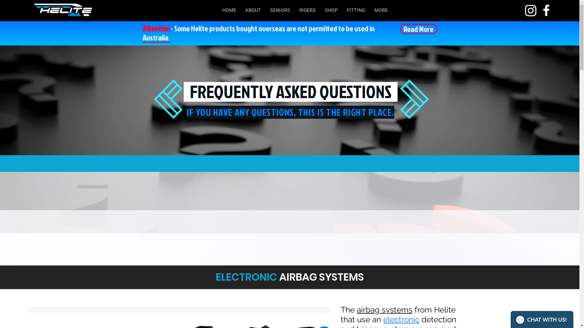  What do you see at coordinates (418, 29) in the screenshot?
I see `'Read More'` at bounding box center [418, 29].